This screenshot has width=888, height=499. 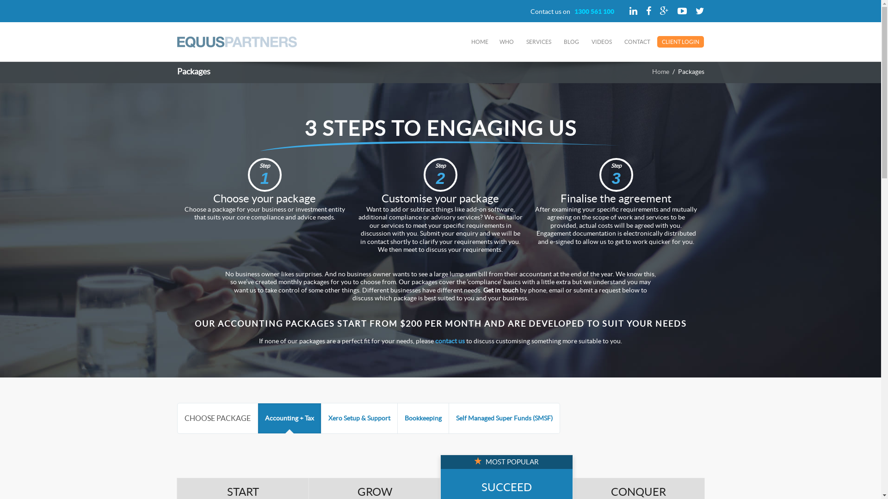 I want to click on 'CONTACT', so click(x=636, y=42).